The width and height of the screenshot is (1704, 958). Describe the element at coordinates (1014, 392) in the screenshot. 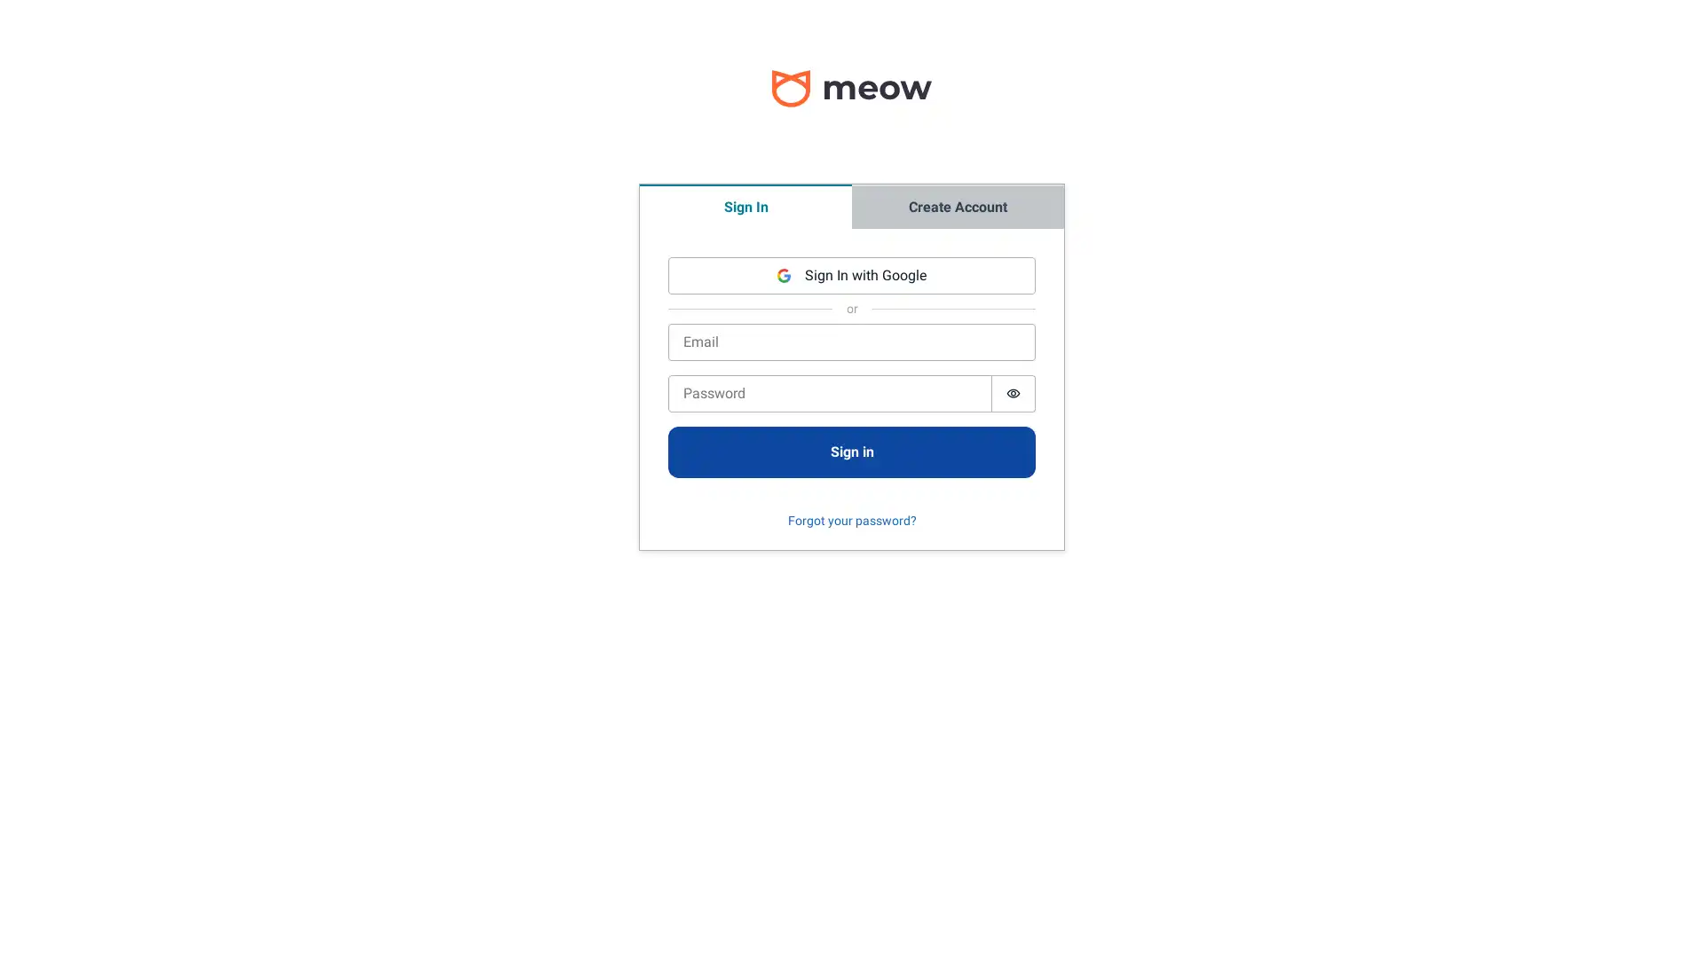

I see `Show password` at that location.